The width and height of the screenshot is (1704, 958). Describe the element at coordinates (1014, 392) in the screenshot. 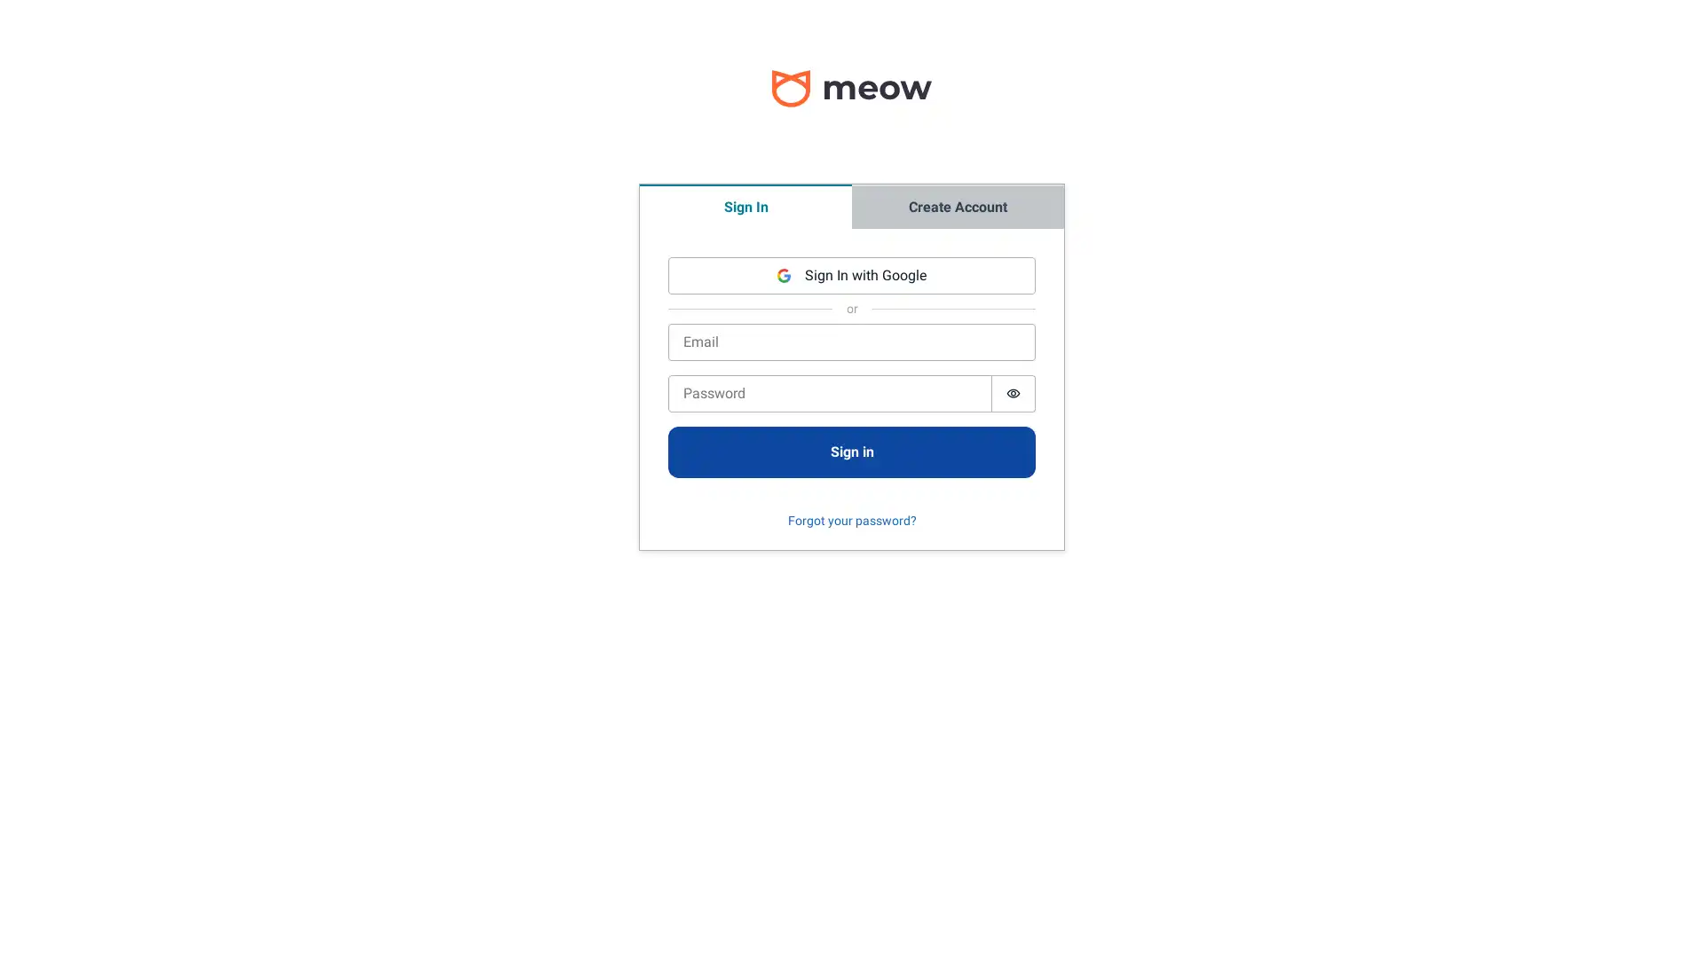

I see `Show password` at that location.